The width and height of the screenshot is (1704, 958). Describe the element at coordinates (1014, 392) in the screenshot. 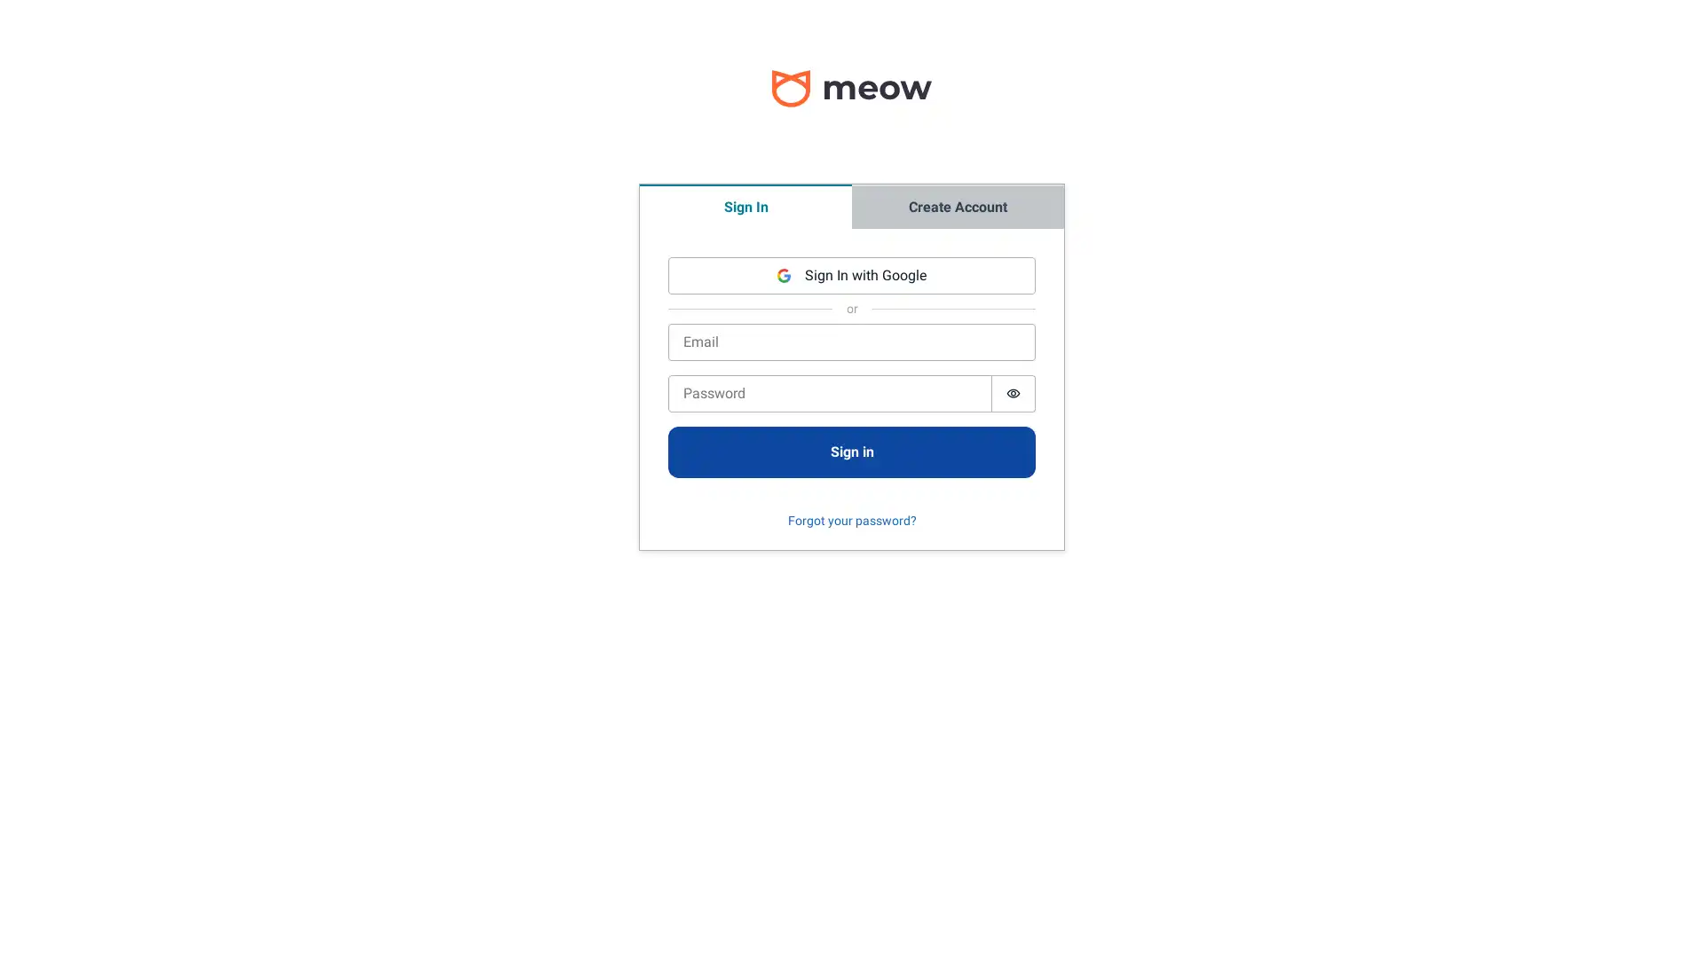

I see `Show password` at that location.